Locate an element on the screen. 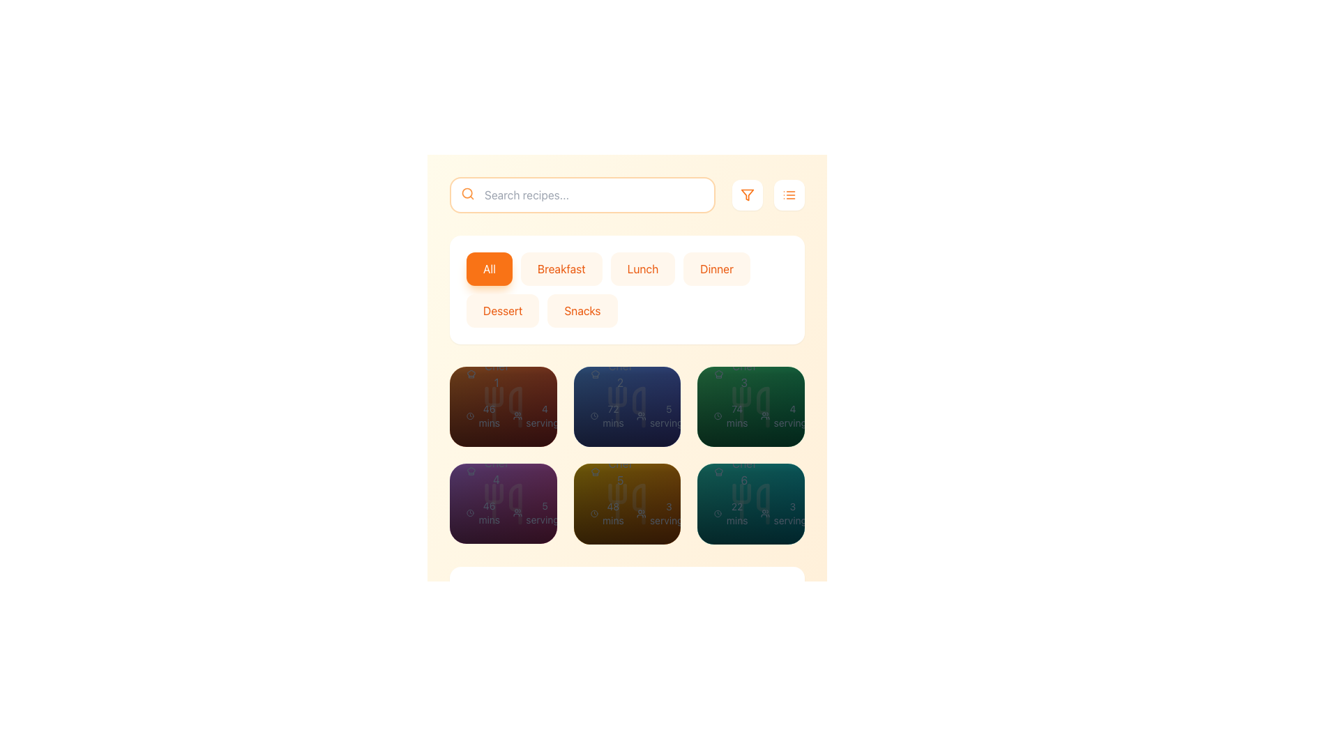  text label displaying 'Chef 3' located in the green-tinted box below 'Recipe 3' is located at coordinates (736, 374).